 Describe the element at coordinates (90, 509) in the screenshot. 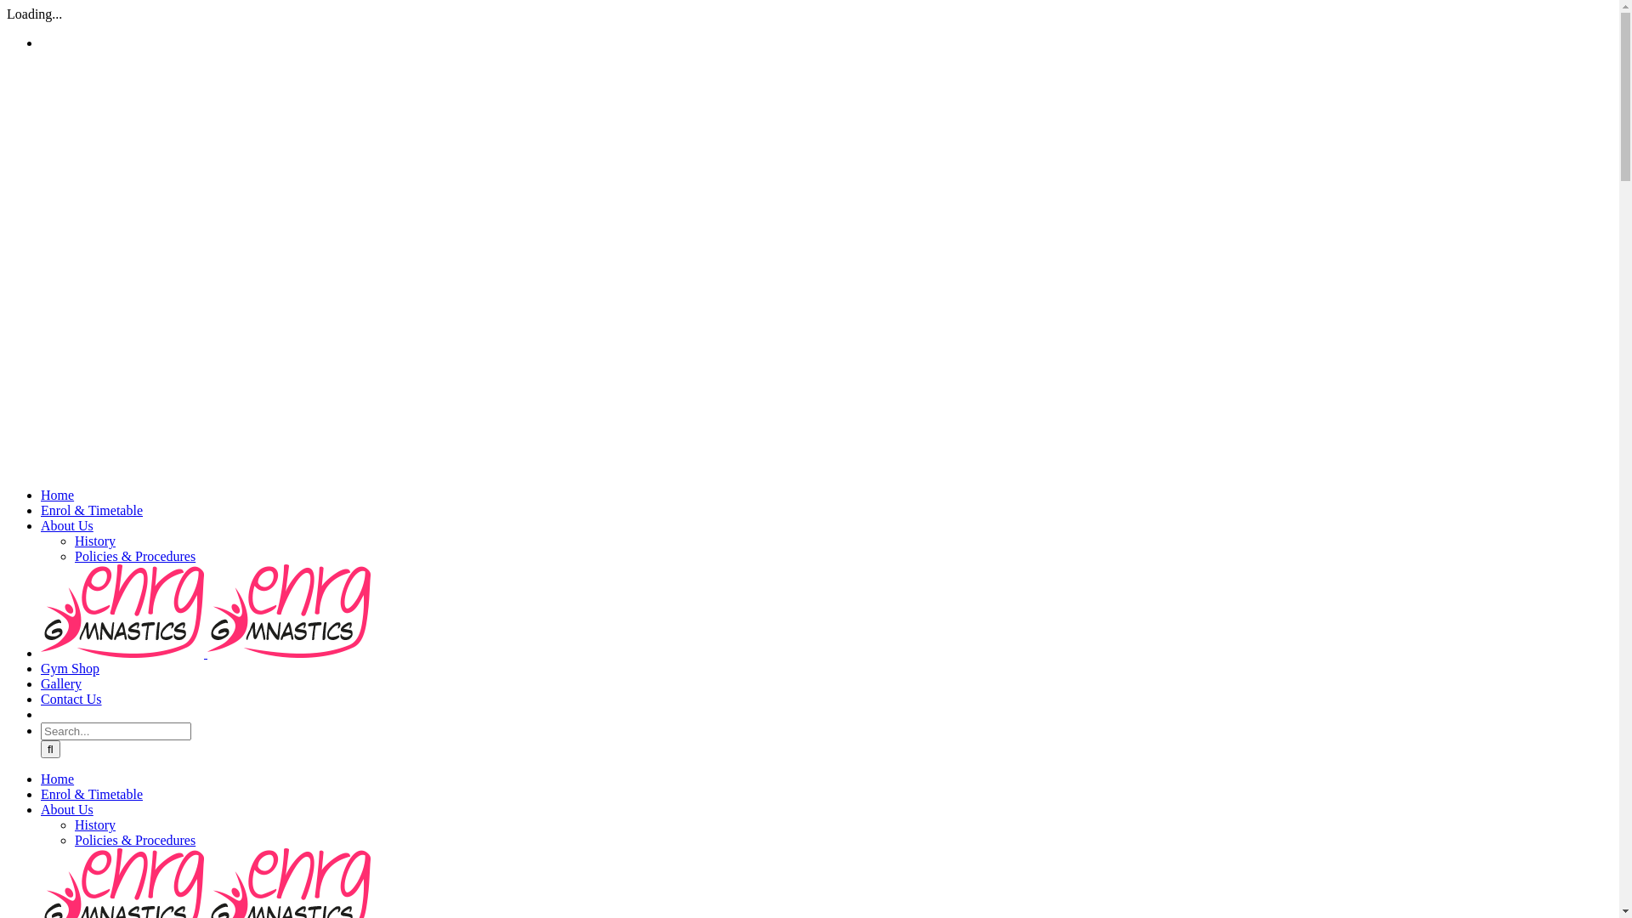

I see `'Enrol & Timetable'` at that location.